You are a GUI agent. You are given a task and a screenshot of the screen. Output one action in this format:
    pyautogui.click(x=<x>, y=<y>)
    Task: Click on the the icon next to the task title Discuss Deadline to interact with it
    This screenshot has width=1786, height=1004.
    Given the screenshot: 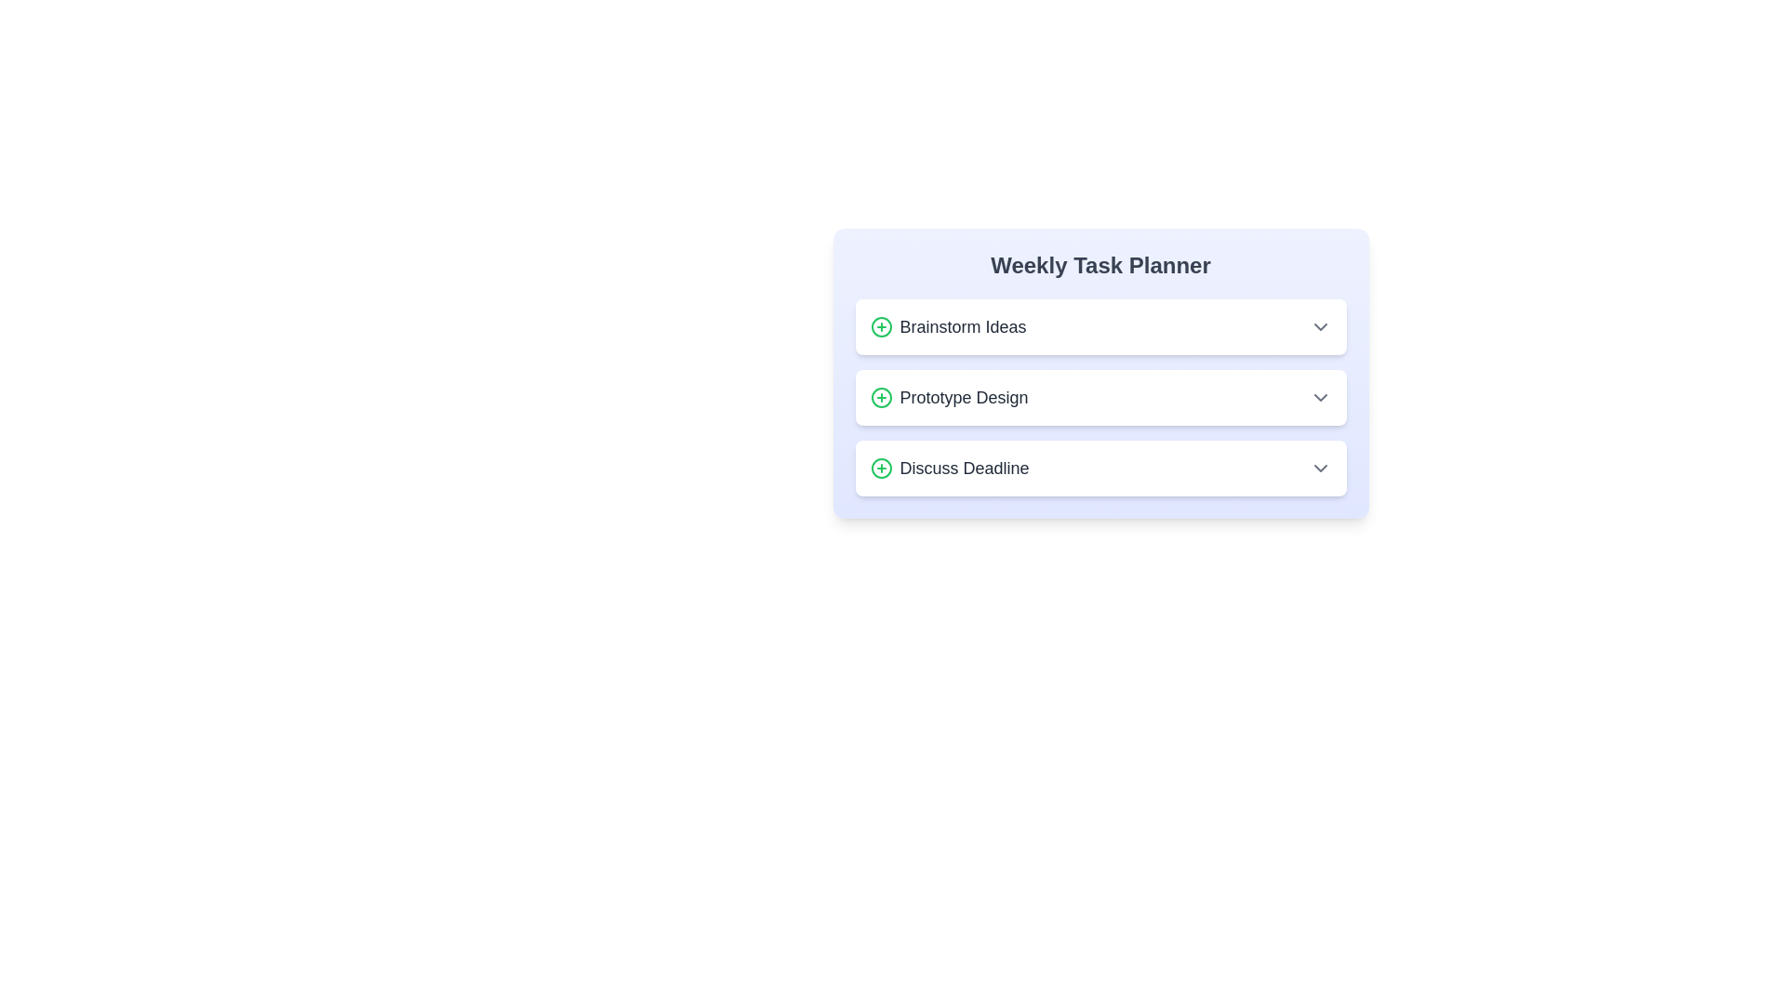 What is the action you would take?
    pyautogui.click(x=880, y=468)
    